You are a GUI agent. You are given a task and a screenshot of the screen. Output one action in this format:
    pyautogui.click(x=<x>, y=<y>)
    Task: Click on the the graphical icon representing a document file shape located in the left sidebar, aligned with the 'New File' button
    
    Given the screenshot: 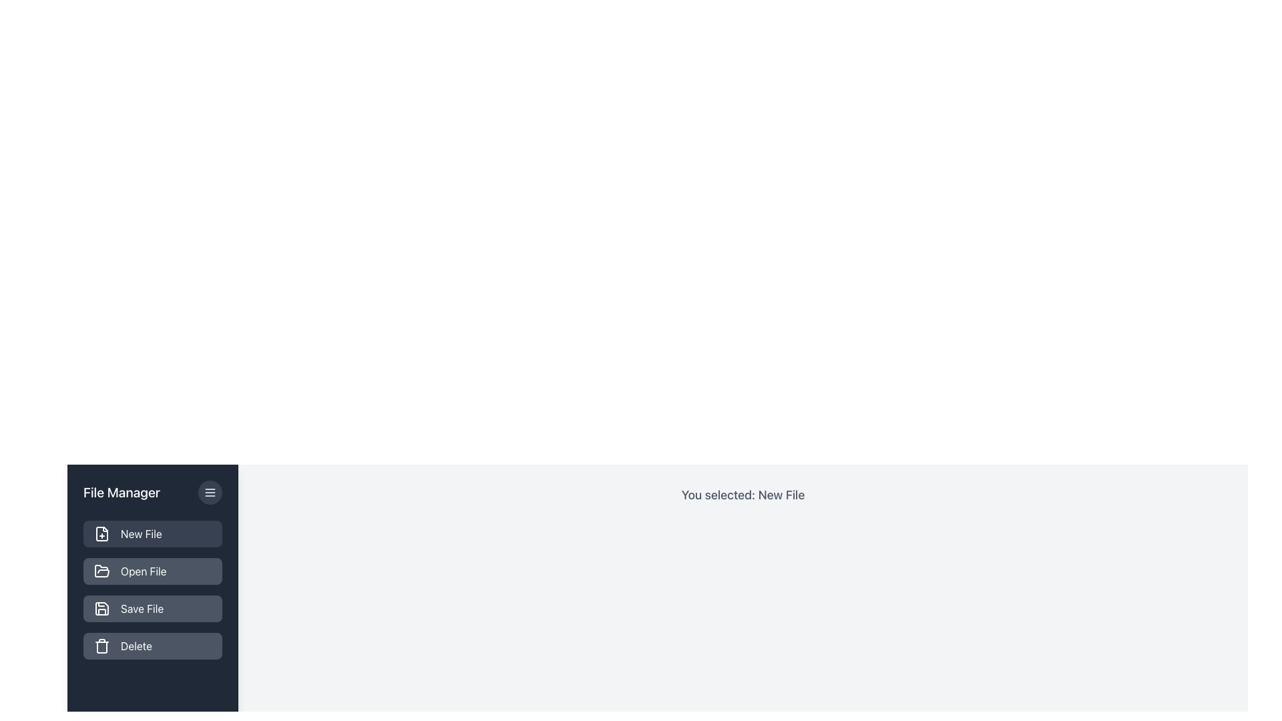 What is the action you would take?
    pyautogui.click(x=101, y=533)
    